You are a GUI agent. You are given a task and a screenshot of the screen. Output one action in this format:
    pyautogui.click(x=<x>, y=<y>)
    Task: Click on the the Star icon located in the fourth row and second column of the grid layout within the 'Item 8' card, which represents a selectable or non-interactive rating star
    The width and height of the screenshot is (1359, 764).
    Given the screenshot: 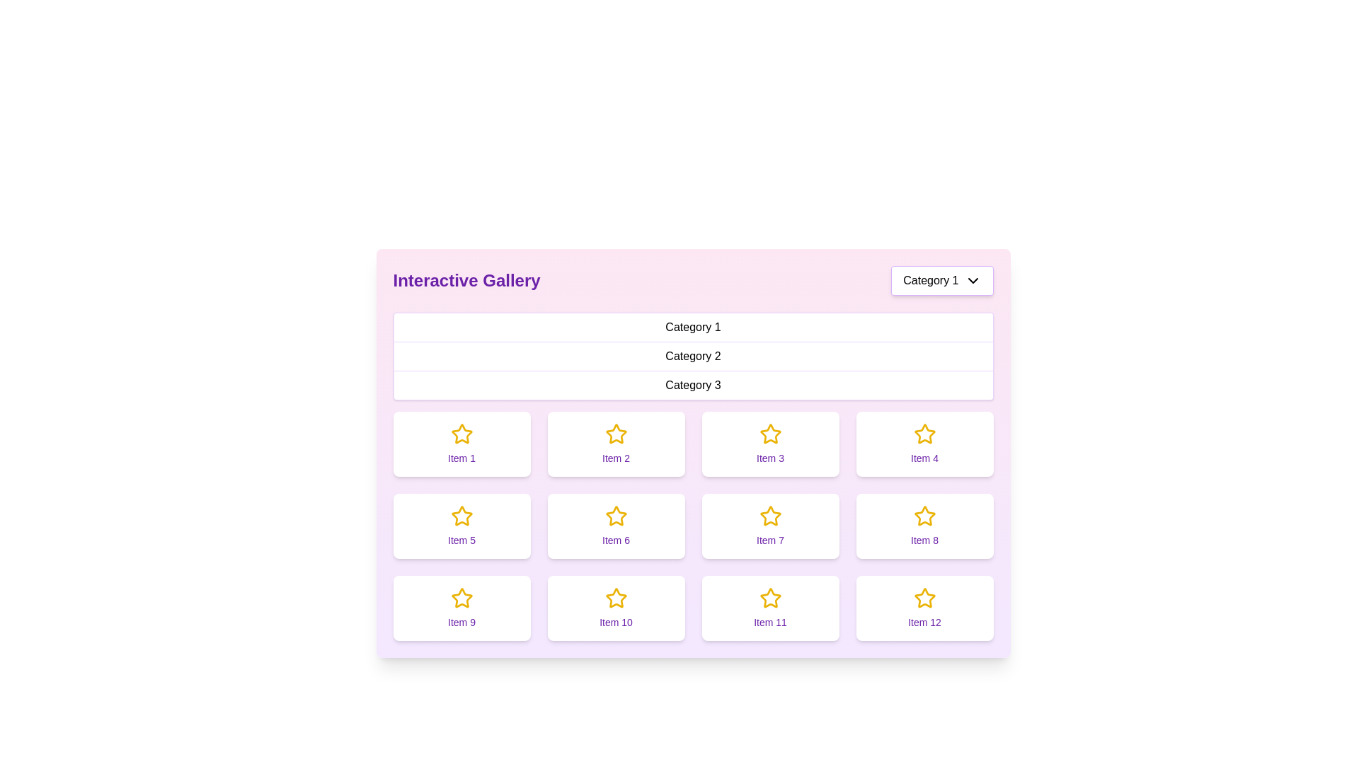 What is the action you would take?
    pyautogui.click(x=924, y=516)
    